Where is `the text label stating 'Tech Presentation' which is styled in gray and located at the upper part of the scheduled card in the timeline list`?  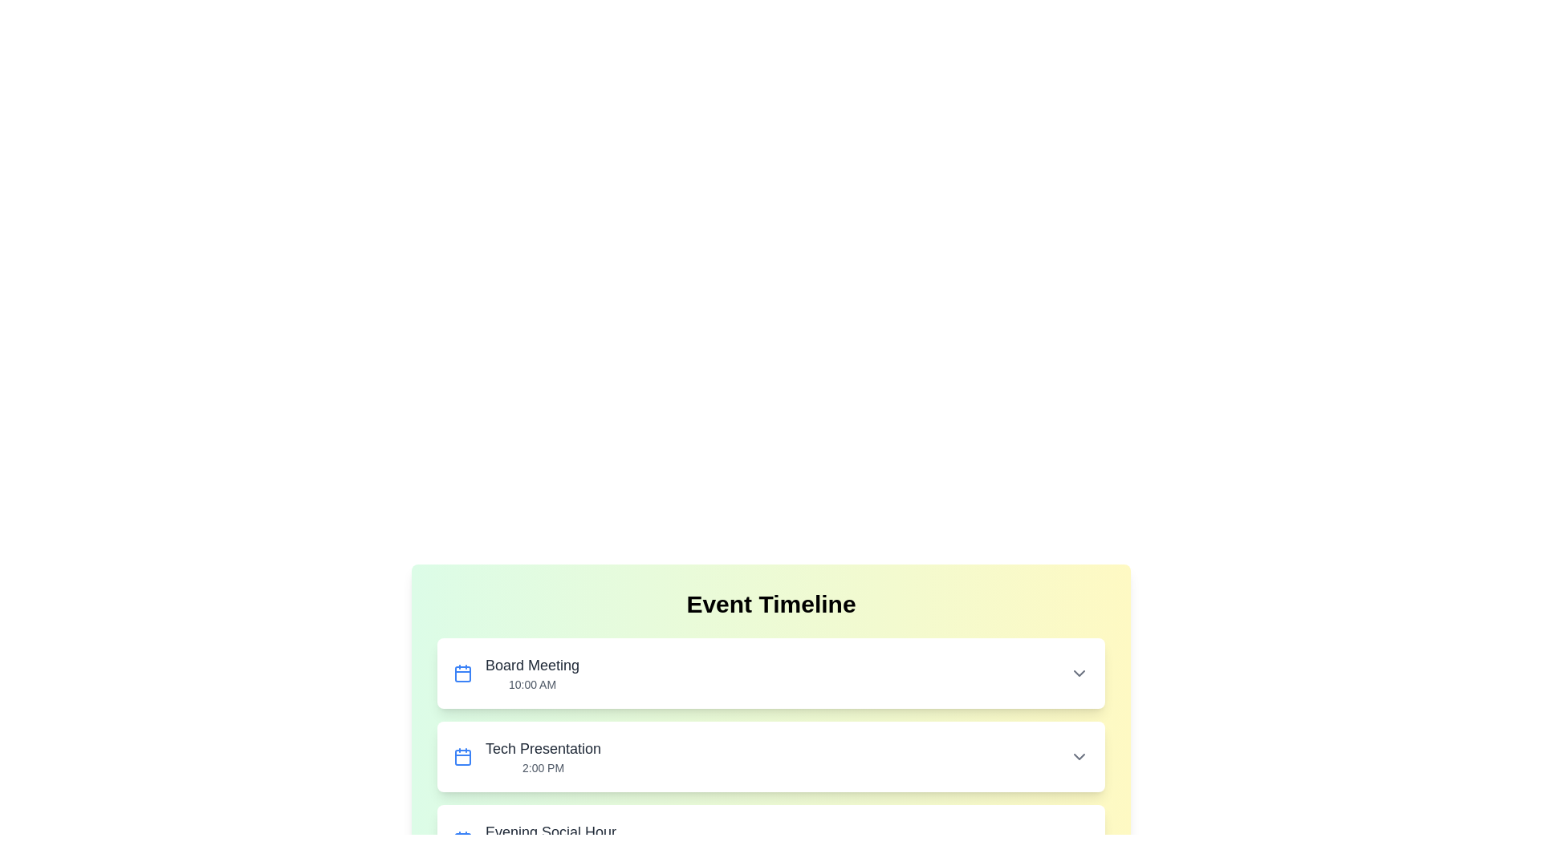 the text label stating 'Tech Presentation' which is styled in gray and located at the upper part of the scheduled card in the timeline list is located at coordinates (543, 748).